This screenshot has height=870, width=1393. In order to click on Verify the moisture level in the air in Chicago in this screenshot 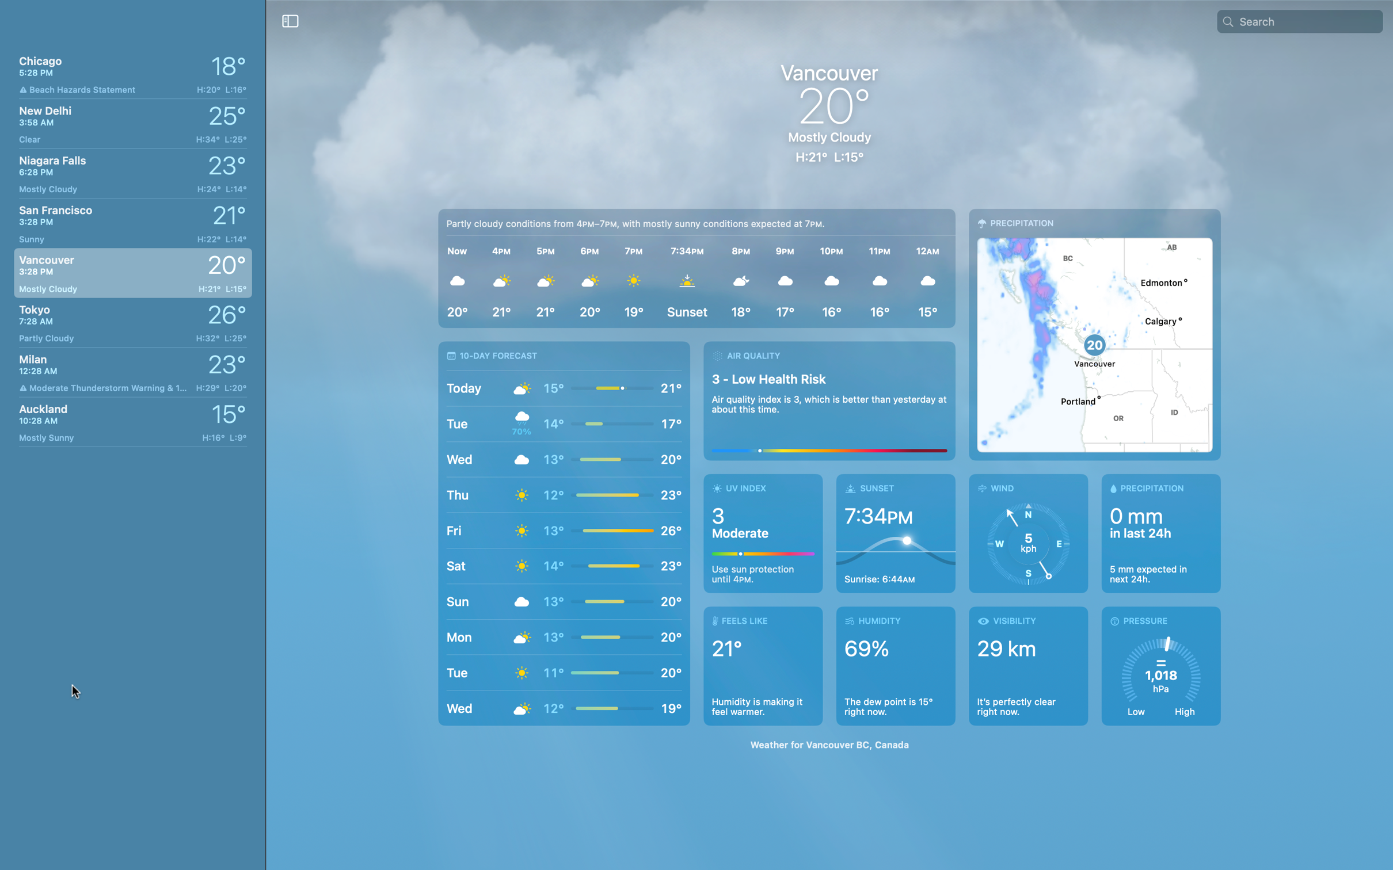, I will do `click(898, 666)`.